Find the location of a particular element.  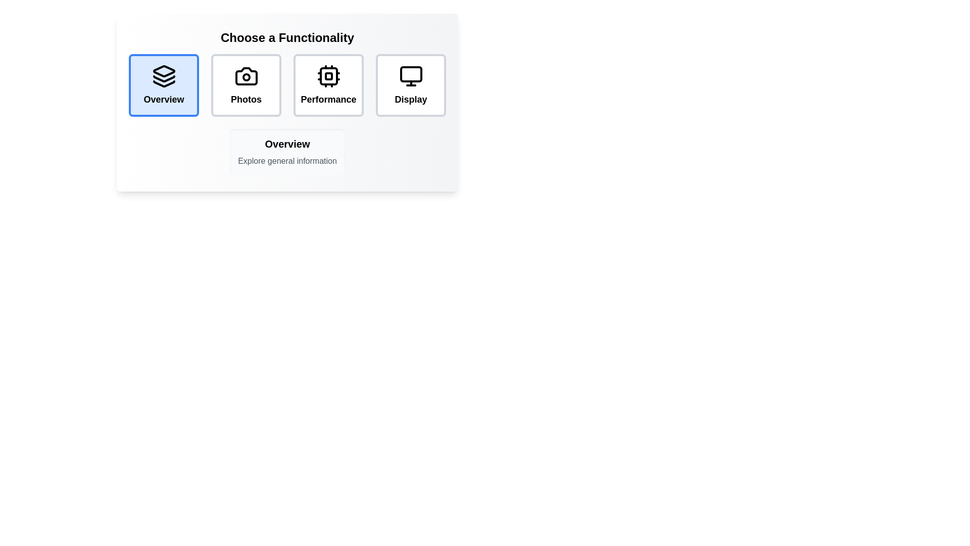

attention on the 'Photos' text label is located at coordinates (246, 99).